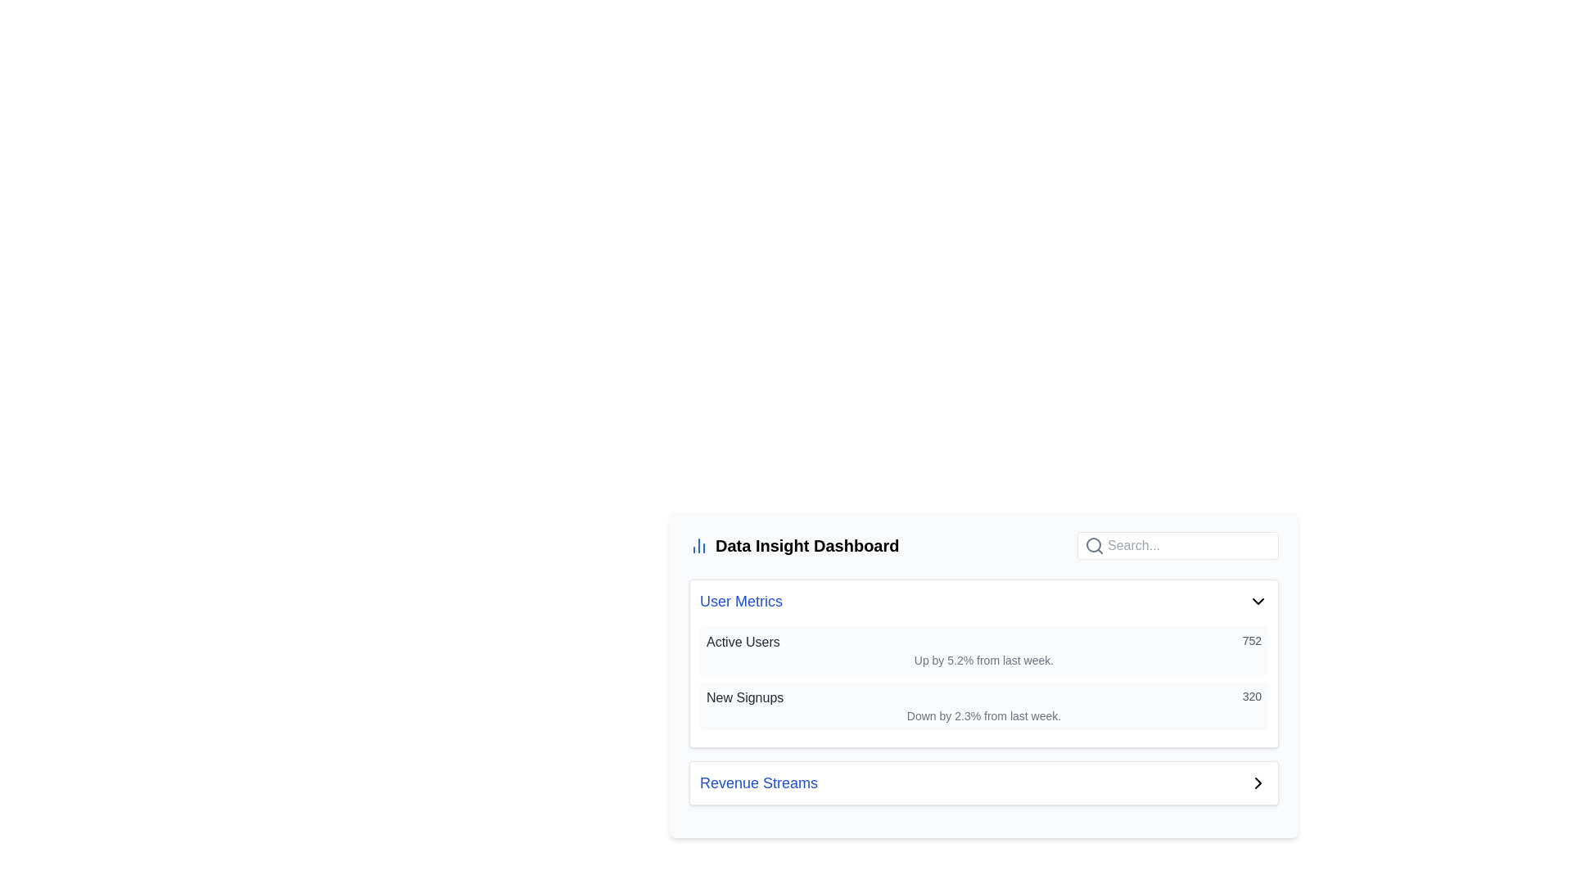 This screenshot has height=884, width=1572. What do you see at coordinates (1093, 545) in the screenshot?
I see `the decorative SVG Circle element that visually represents the search function, which is part of the search icon in the top-right section of the dashboard interface` at bounding box center [1093, 545].